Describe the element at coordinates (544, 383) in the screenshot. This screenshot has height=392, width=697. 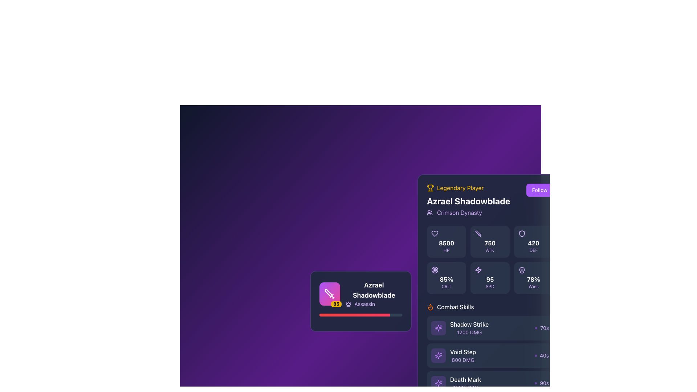
I see `text content of the '90s' text label, which is styled with a small font size and light purple color, located next to a purple circular icon in the combat skill details section` at that location.